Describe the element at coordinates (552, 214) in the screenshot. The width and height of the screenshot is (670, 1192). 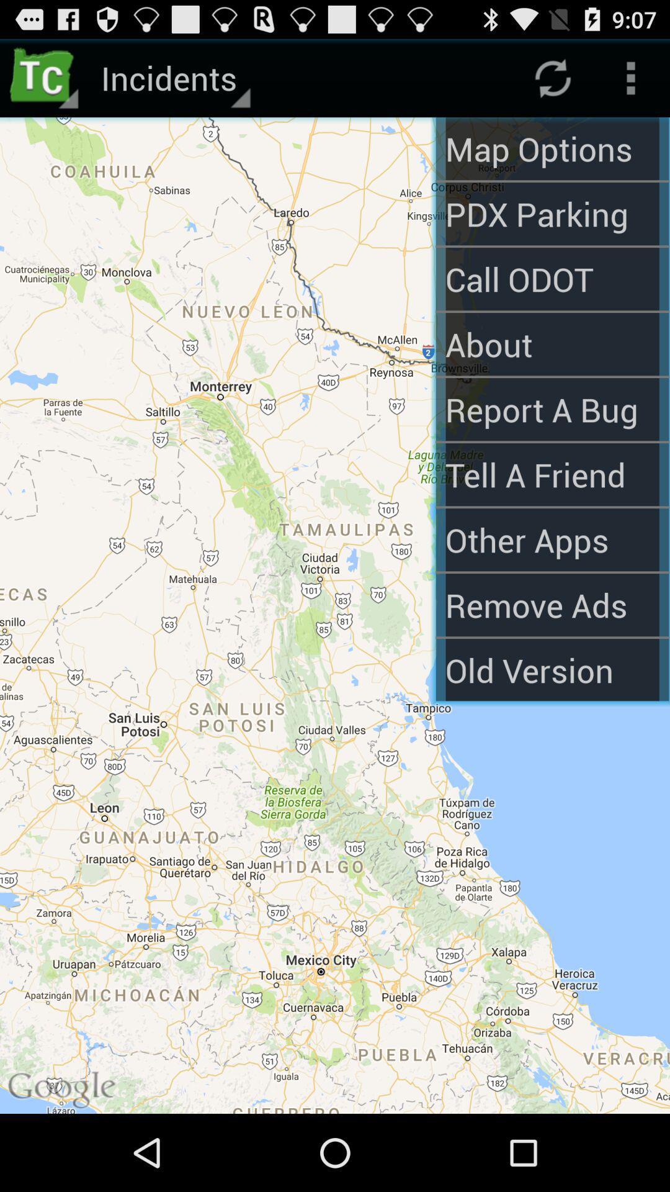
I see `pdx parking` at that location.